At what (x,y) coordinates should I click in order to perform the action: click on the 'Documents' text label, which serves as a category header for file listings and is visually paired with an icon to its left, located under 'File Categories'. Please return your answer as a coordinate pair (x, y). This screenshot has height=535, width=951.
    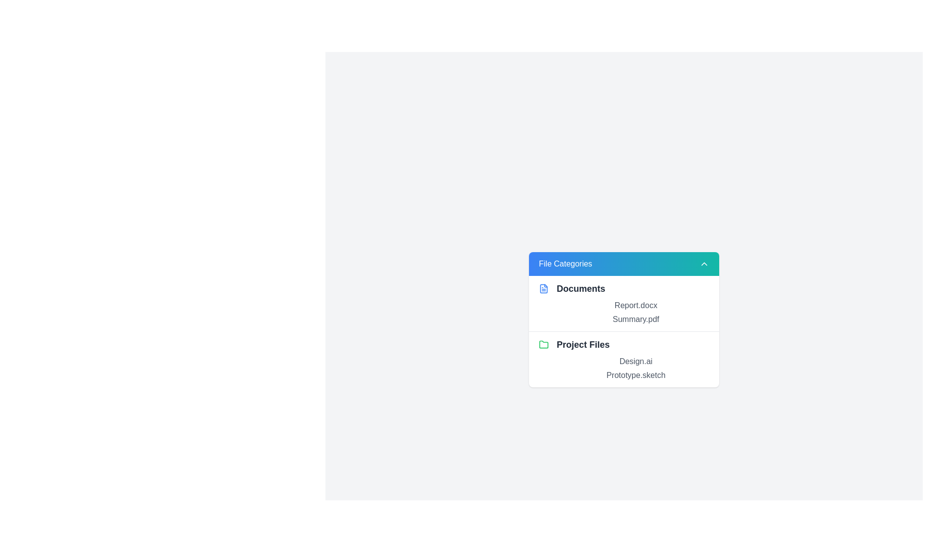
    Looking at the image, I should click on (581, 288).